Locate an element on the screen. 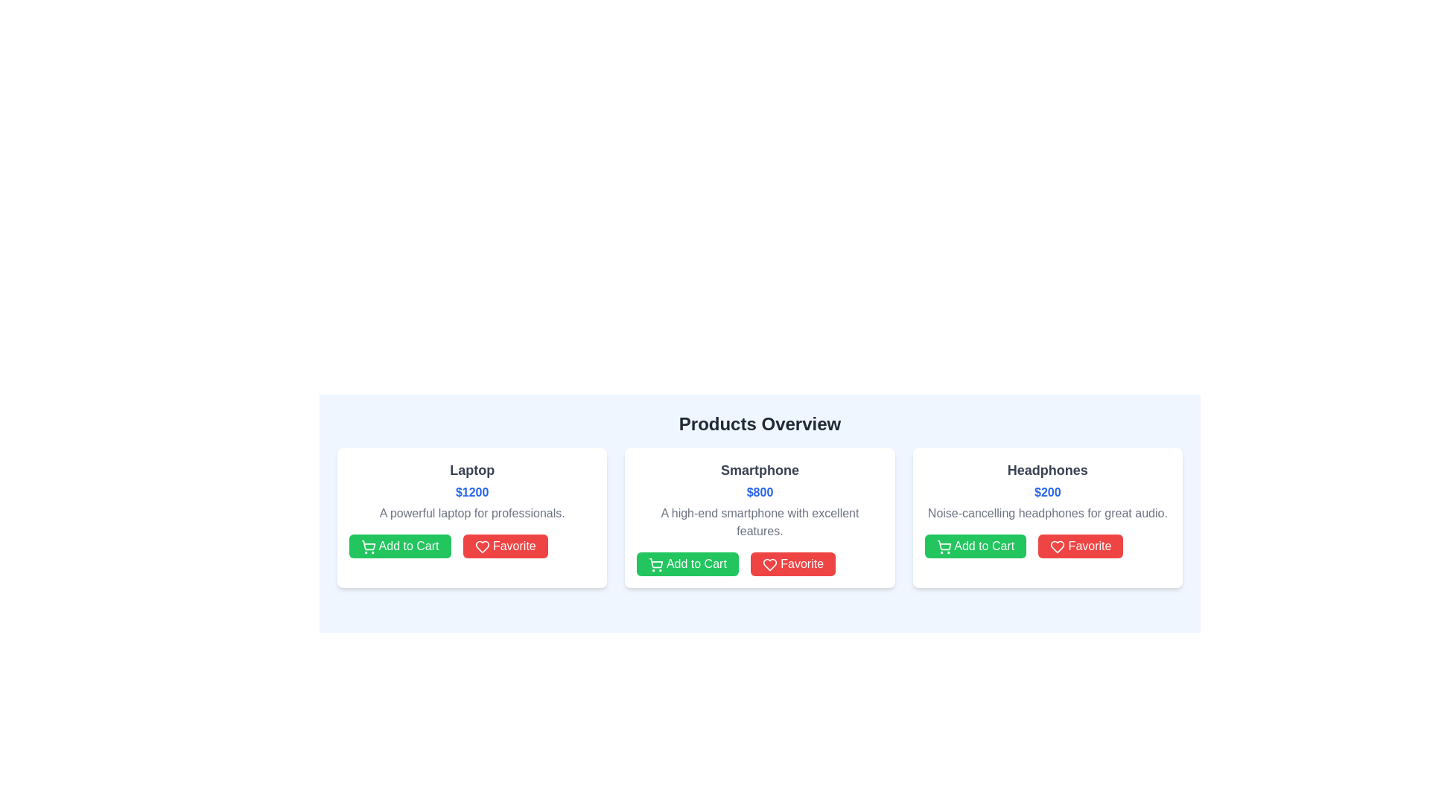 The height and width of the screenshot is (804, 1430). text content of the Header element, which serves as the title for the section above the product cards is located at coordinates (760, 424).